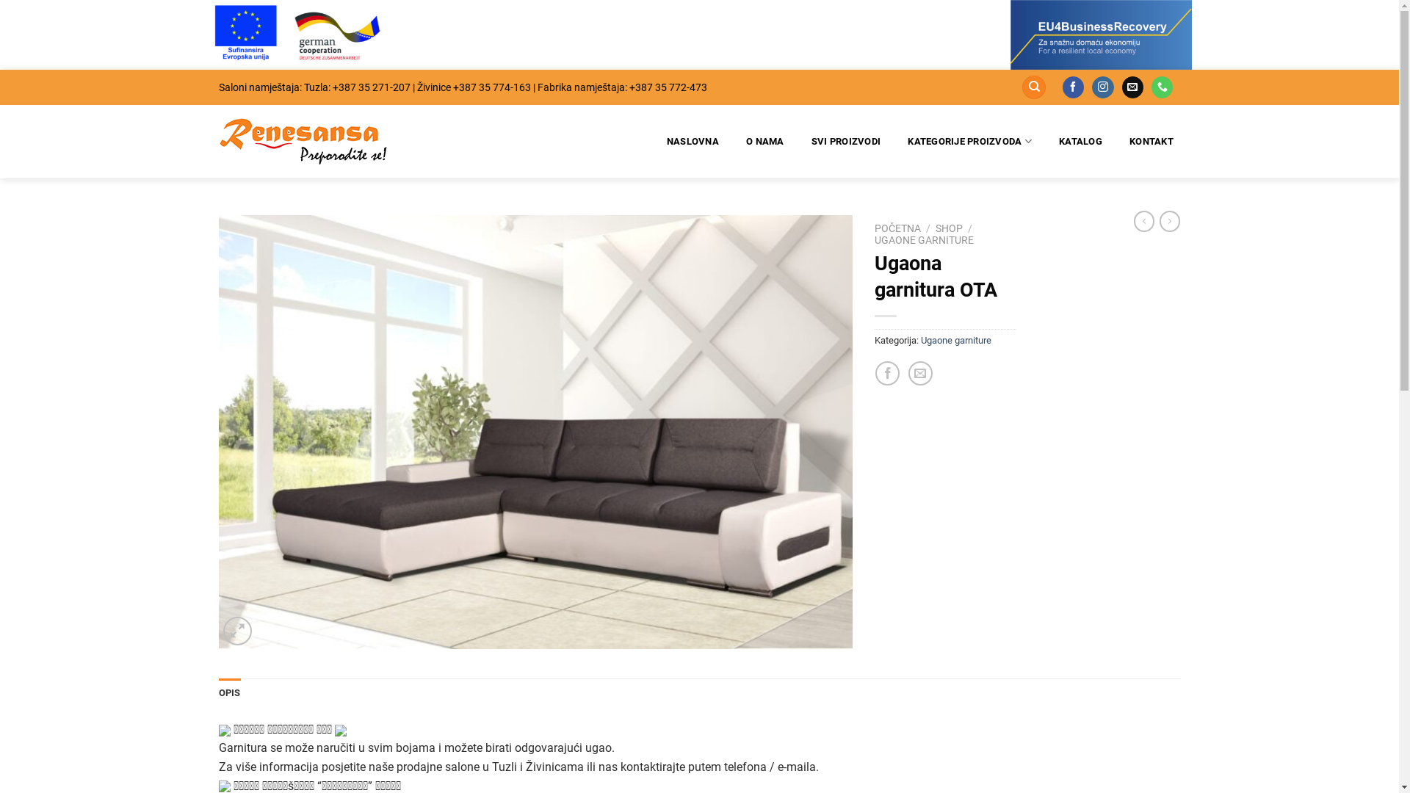 This screenshot has height=793, width=1410. I want to click on '+387 35 271-207', so click(330, 87).